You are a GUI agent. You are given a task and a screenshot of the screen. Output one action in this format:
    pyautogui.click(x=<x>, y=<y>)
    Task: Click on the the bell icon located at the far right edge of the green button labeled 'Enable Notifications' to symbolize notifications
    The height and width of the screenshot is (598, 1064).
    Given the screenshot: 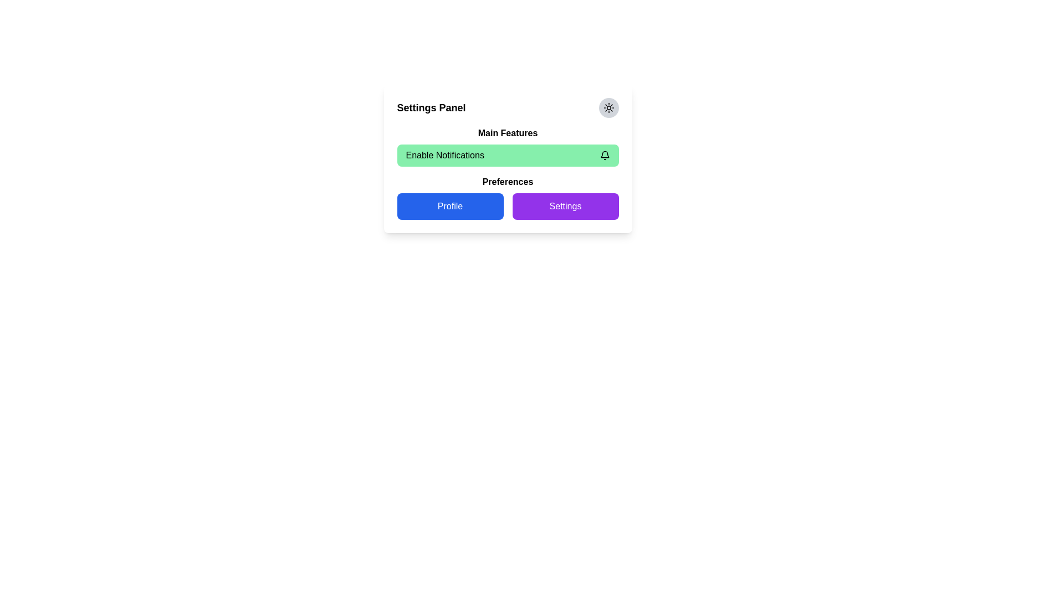 What is the action you would take?
    pyautogui.click(x=604, y=156)
    